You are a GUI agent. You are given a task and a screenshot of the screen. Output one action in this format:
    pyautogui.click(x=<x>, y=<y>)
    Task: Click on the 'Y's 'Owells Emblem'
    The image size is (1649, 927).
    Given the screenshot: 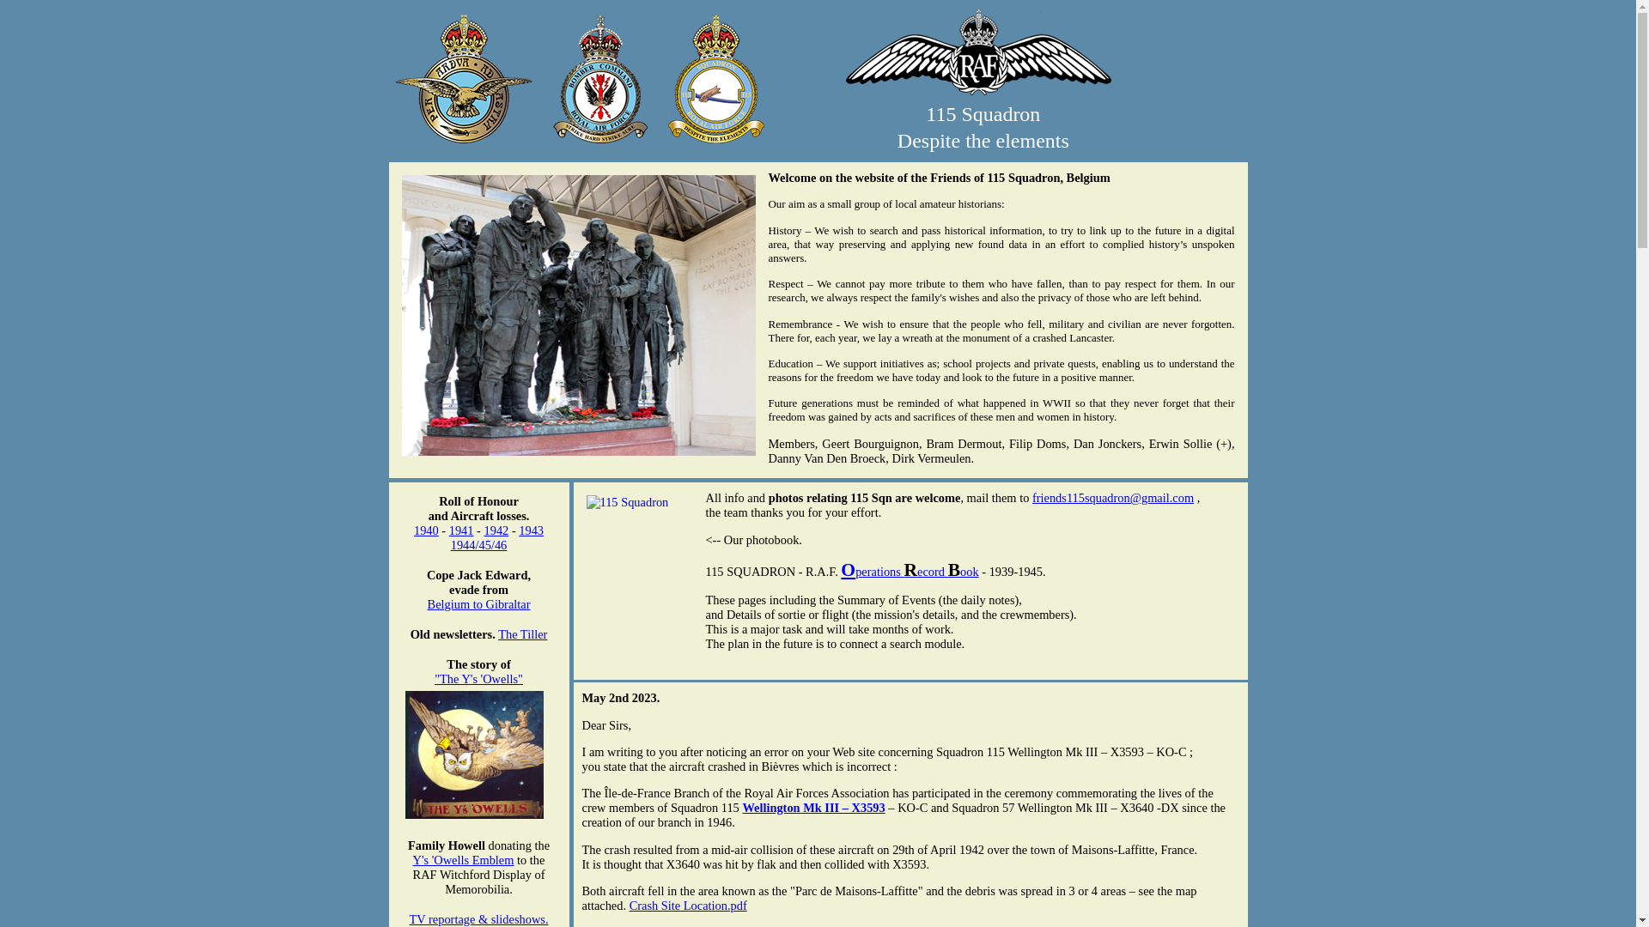 What is the action you would take?
    pyautogui.click(x=412, y=860)
    